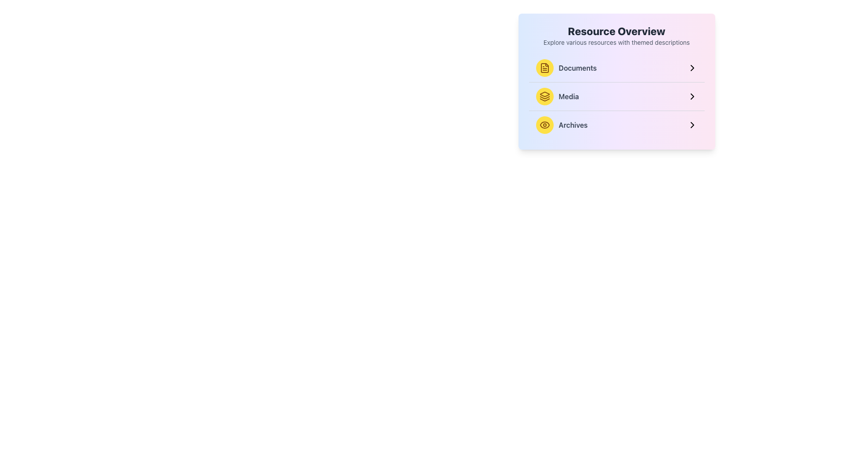  I want to click on the text line rendering 'Explore various resources with themed descriptions', which is styled in gray and positioned below the header 'Resource Overview', so click(616, 42).